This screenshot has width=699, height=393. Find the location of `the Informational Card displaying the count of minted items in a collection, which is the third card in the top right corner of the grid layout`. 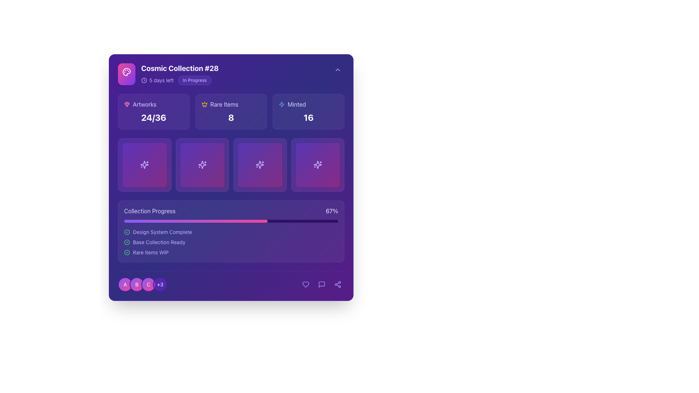

the Informational Card displaying the count of minted items in a collection, which is the third card in the top right corner of the grid layout is located at coordinates (308, 112).